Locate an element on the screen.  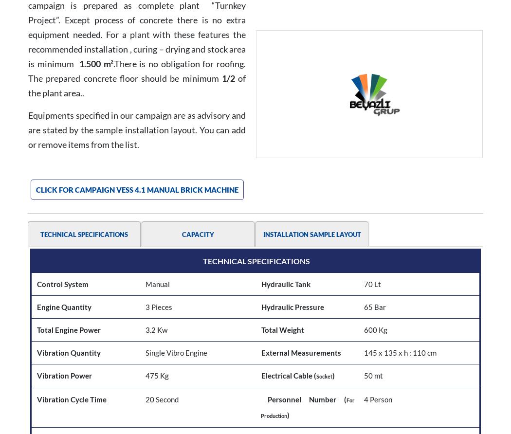
'FINGER CAR MACHINES' is located at coordinates (185, 412).